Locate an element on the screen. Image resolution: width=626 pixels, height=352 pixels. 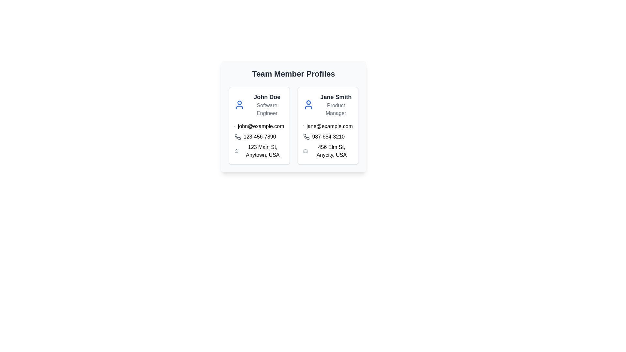
the contact icon associated with John Doe's phone number '123-456-7890' is located at coordinates (237, 137).